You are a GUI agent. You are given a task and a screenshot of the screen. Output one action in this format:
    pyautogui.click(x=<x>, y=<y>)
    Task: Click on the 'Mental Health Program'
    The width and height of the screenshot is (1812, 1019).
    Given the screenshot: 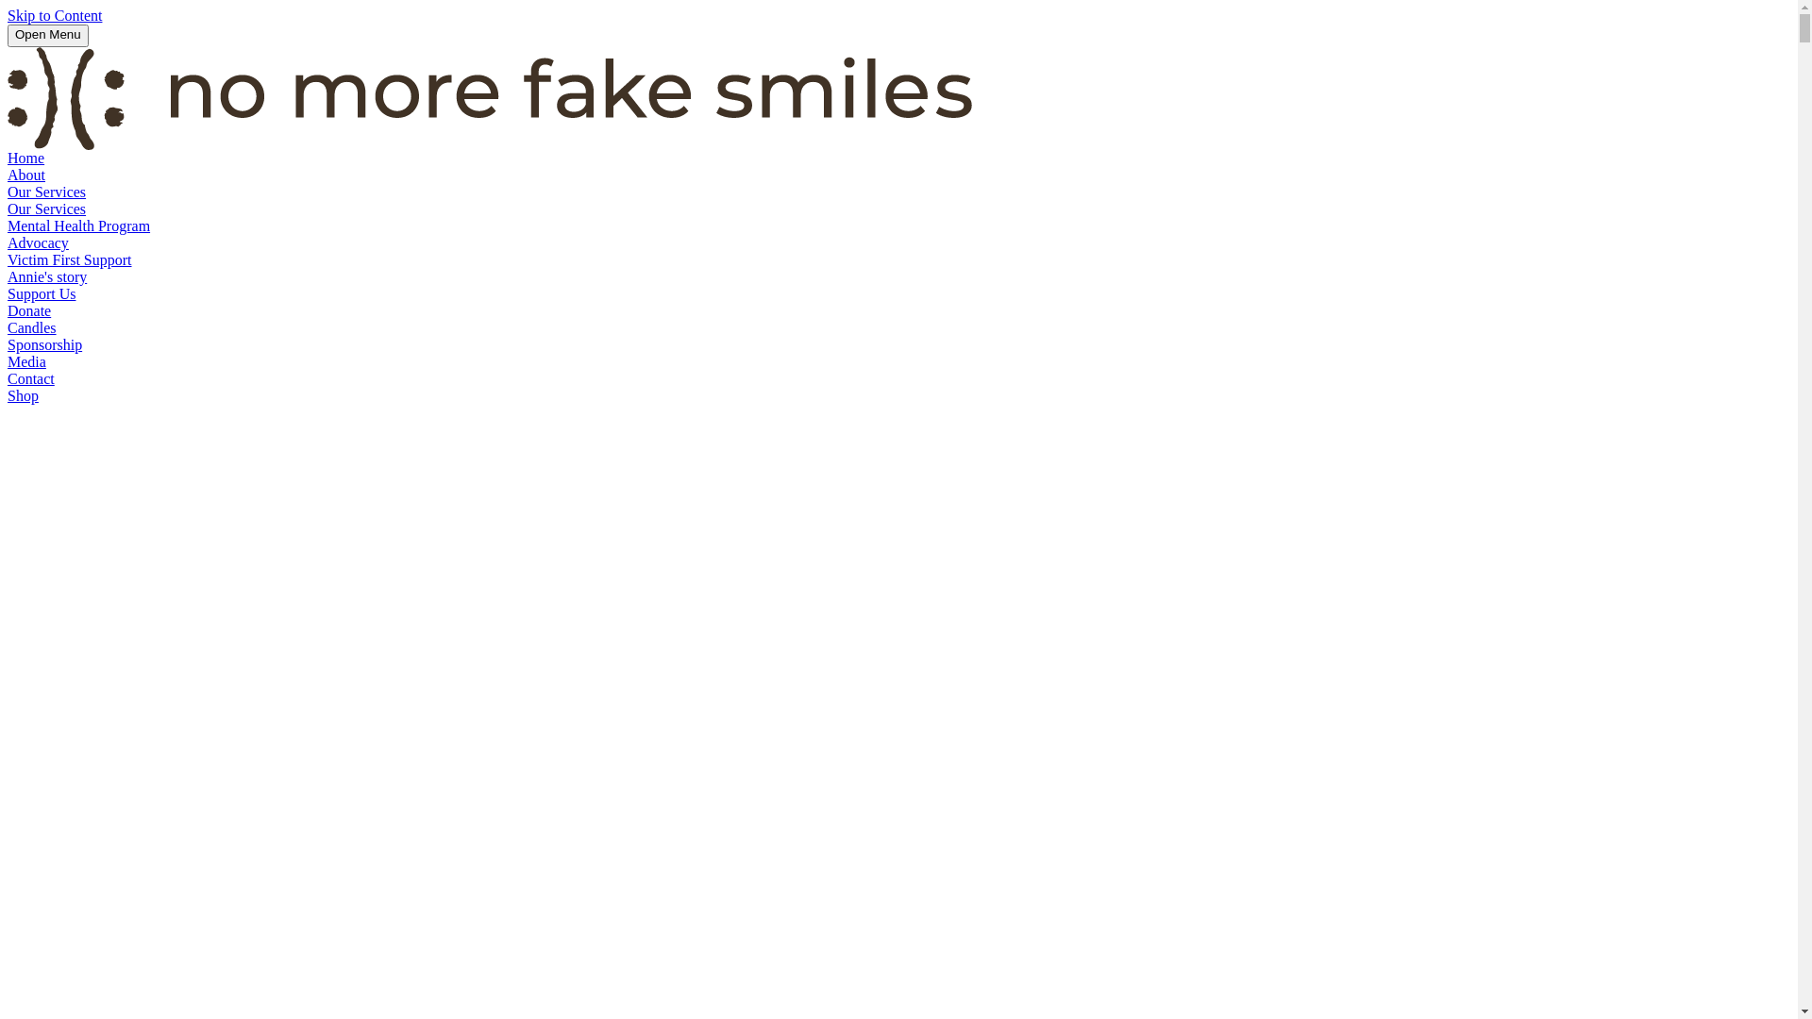 What is the action you would take?
    pyautogui.click(x=77, y=225)
    